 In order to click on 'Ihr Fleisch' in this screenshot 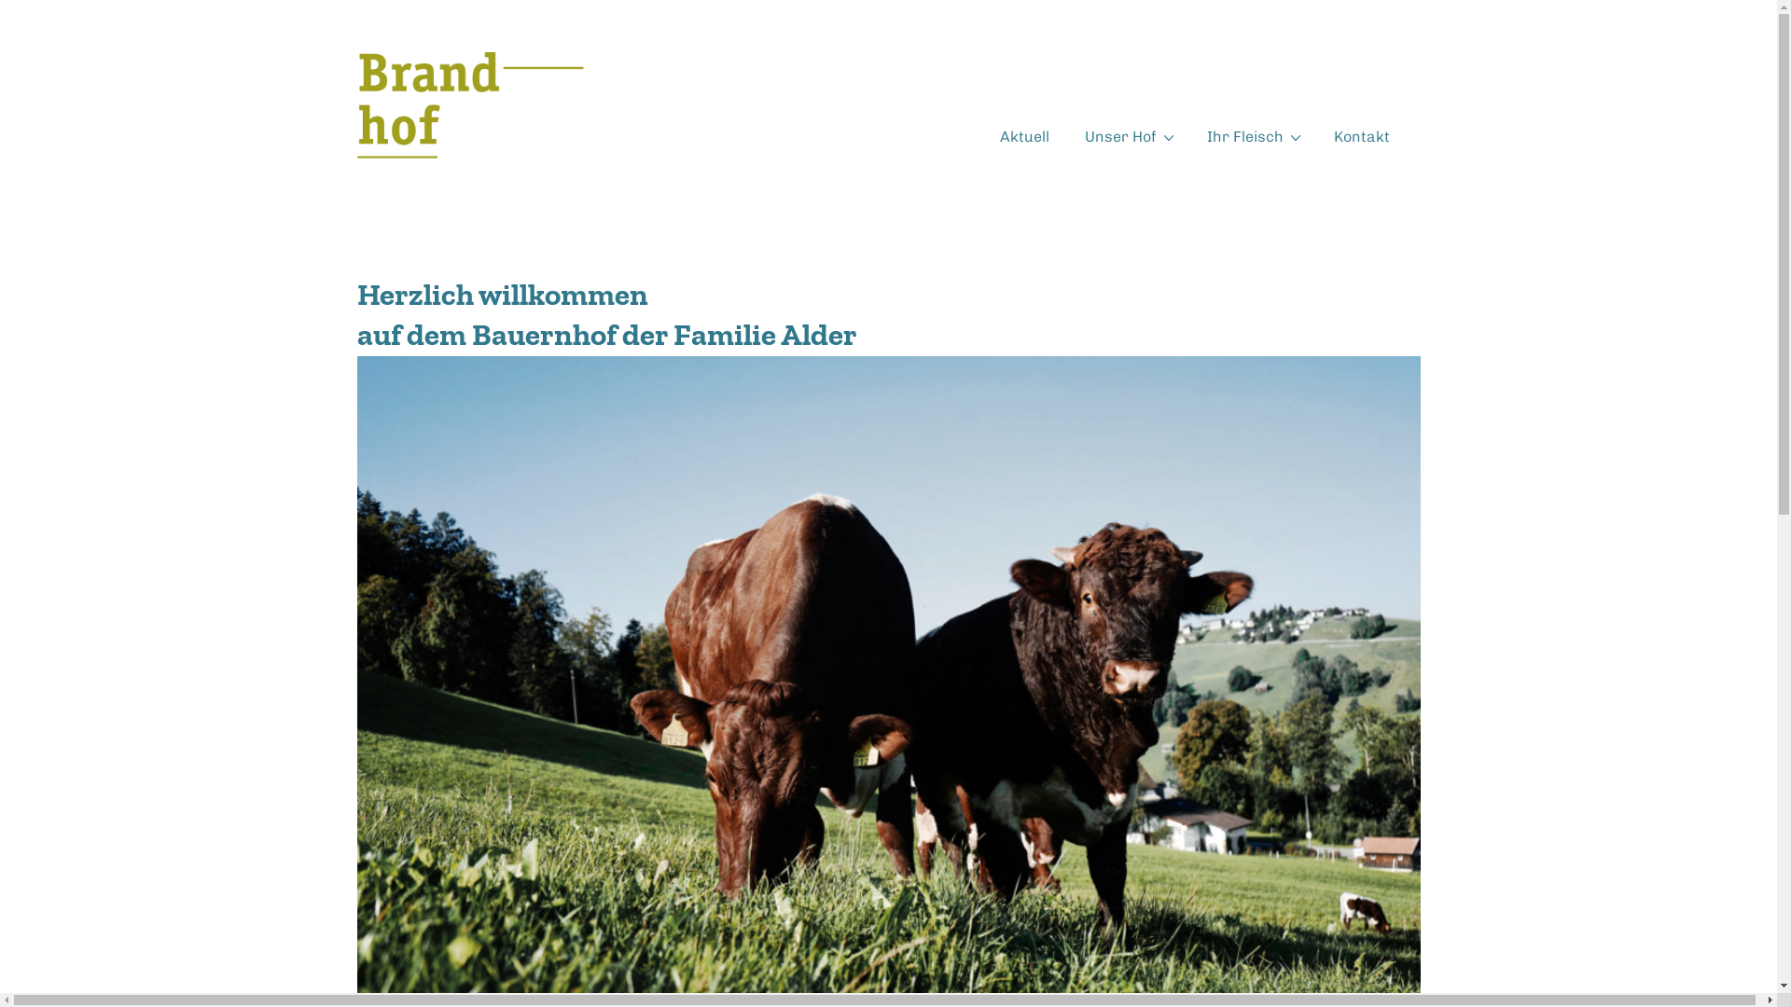, I will do `click(1253, 135)`.